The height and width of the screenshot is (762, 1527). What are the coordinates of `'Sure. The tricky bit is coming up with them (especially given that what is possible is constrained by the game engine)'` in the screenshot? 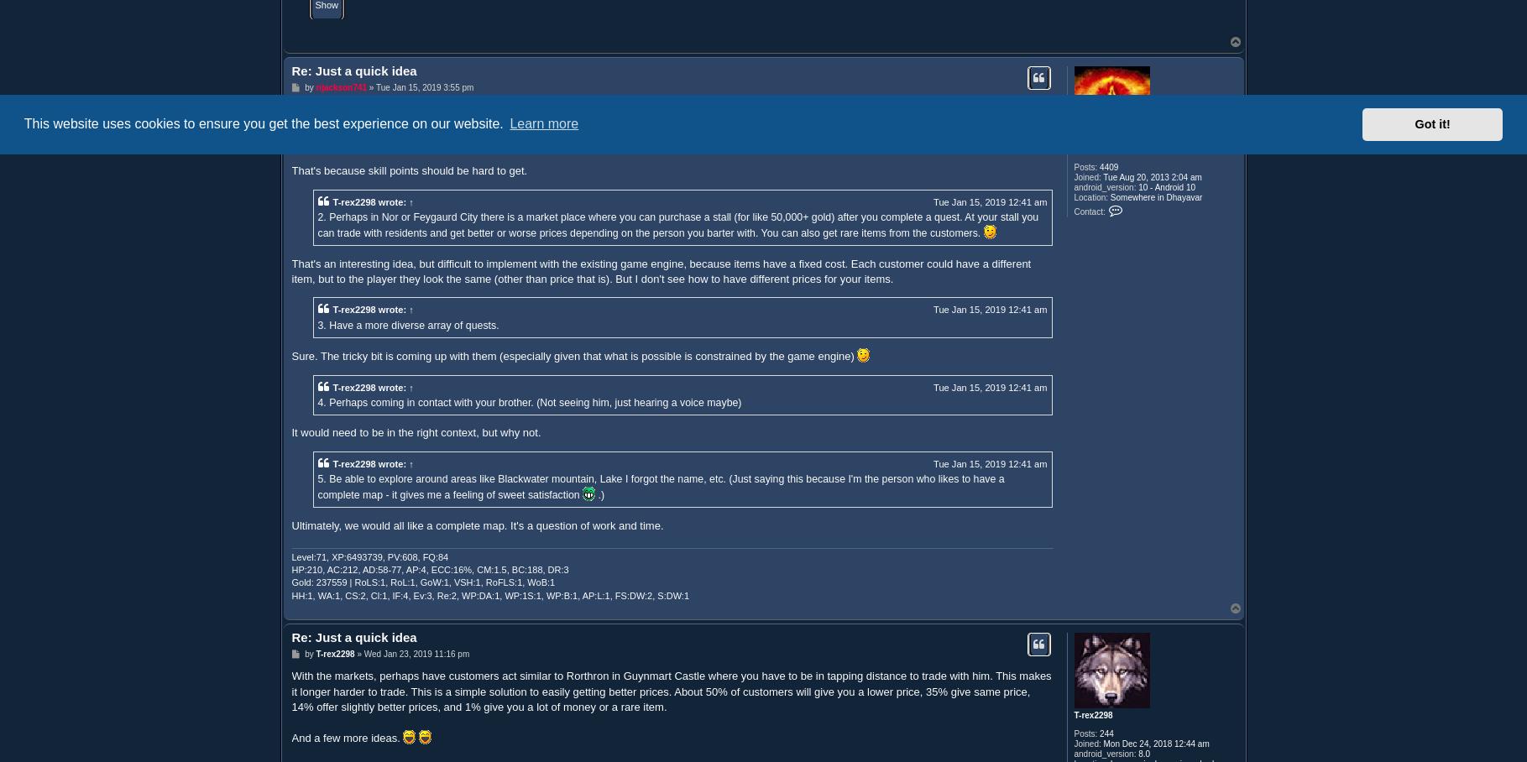 It's located at (573, 356).